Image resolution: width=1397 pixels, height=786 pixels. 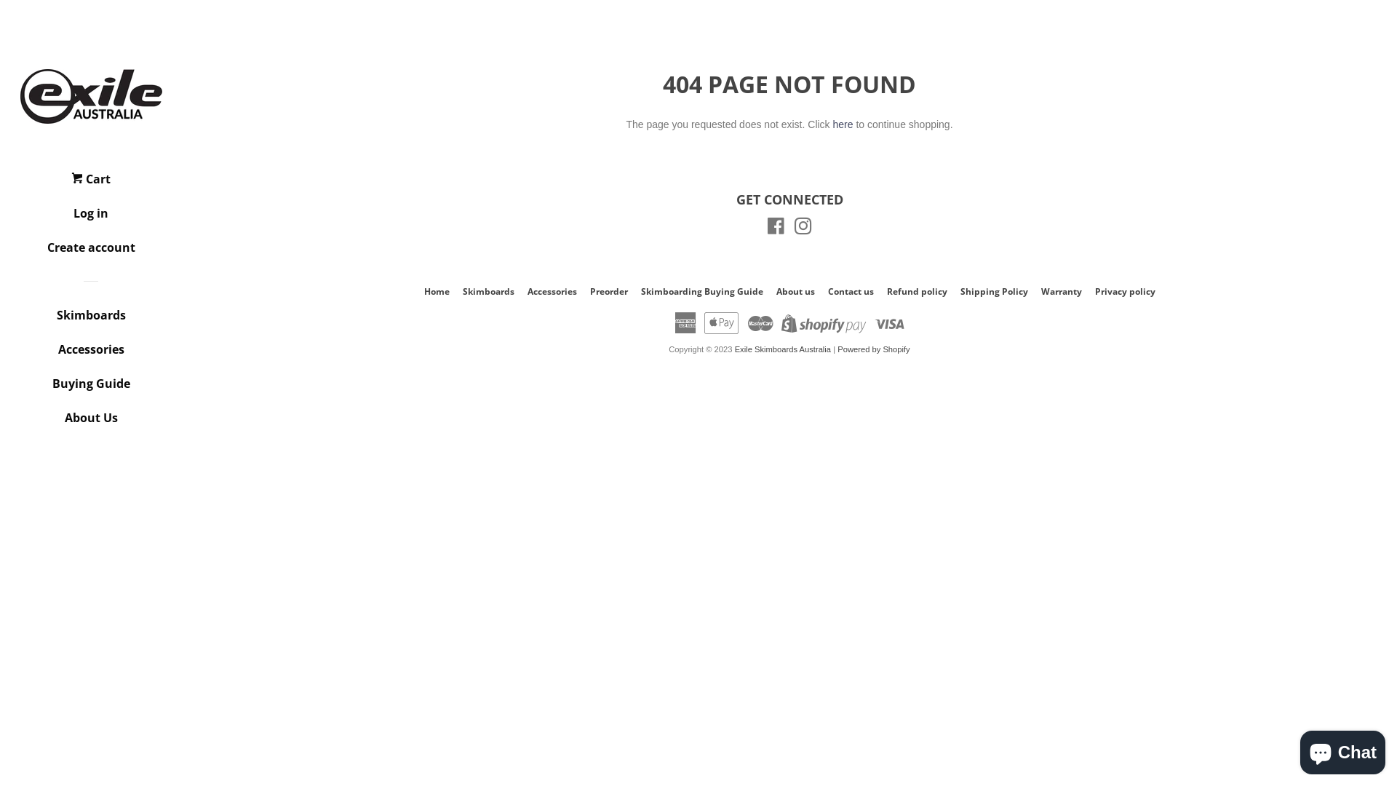 I want to click on 'Buying Guide', so click(x=89, y=388).